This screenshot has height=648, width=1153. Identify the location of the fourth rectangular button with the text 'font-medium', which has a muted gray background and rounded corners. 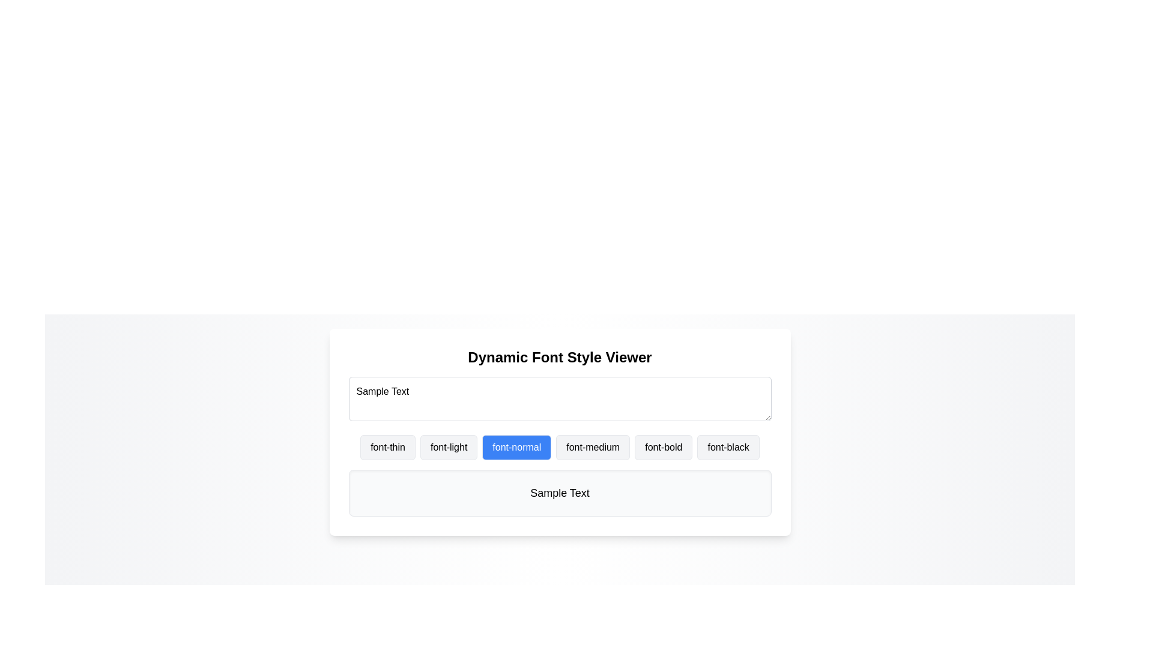
(593, 447).